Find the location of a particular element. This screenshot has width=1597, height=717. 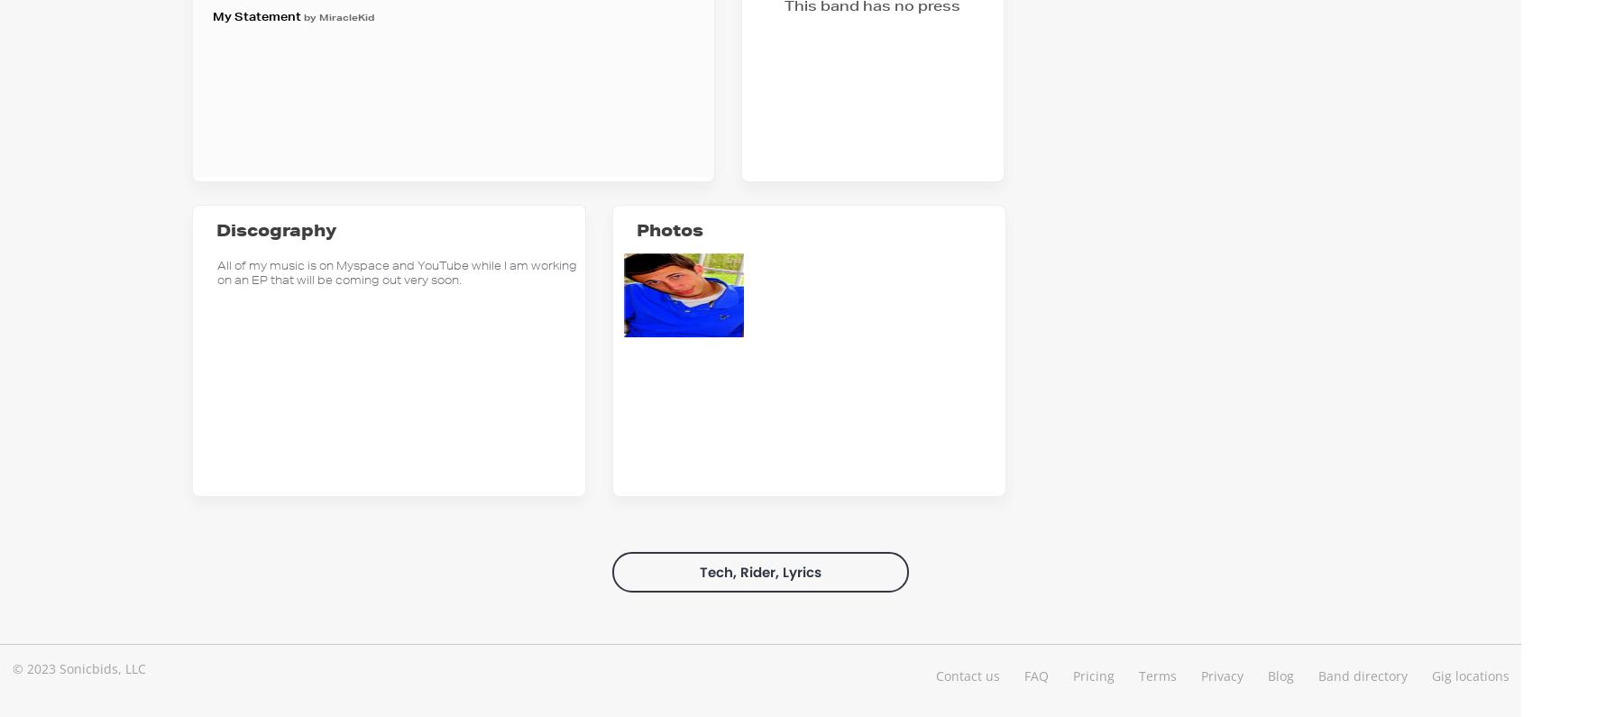

'Pricing' is located at coordinates (1072, 674).